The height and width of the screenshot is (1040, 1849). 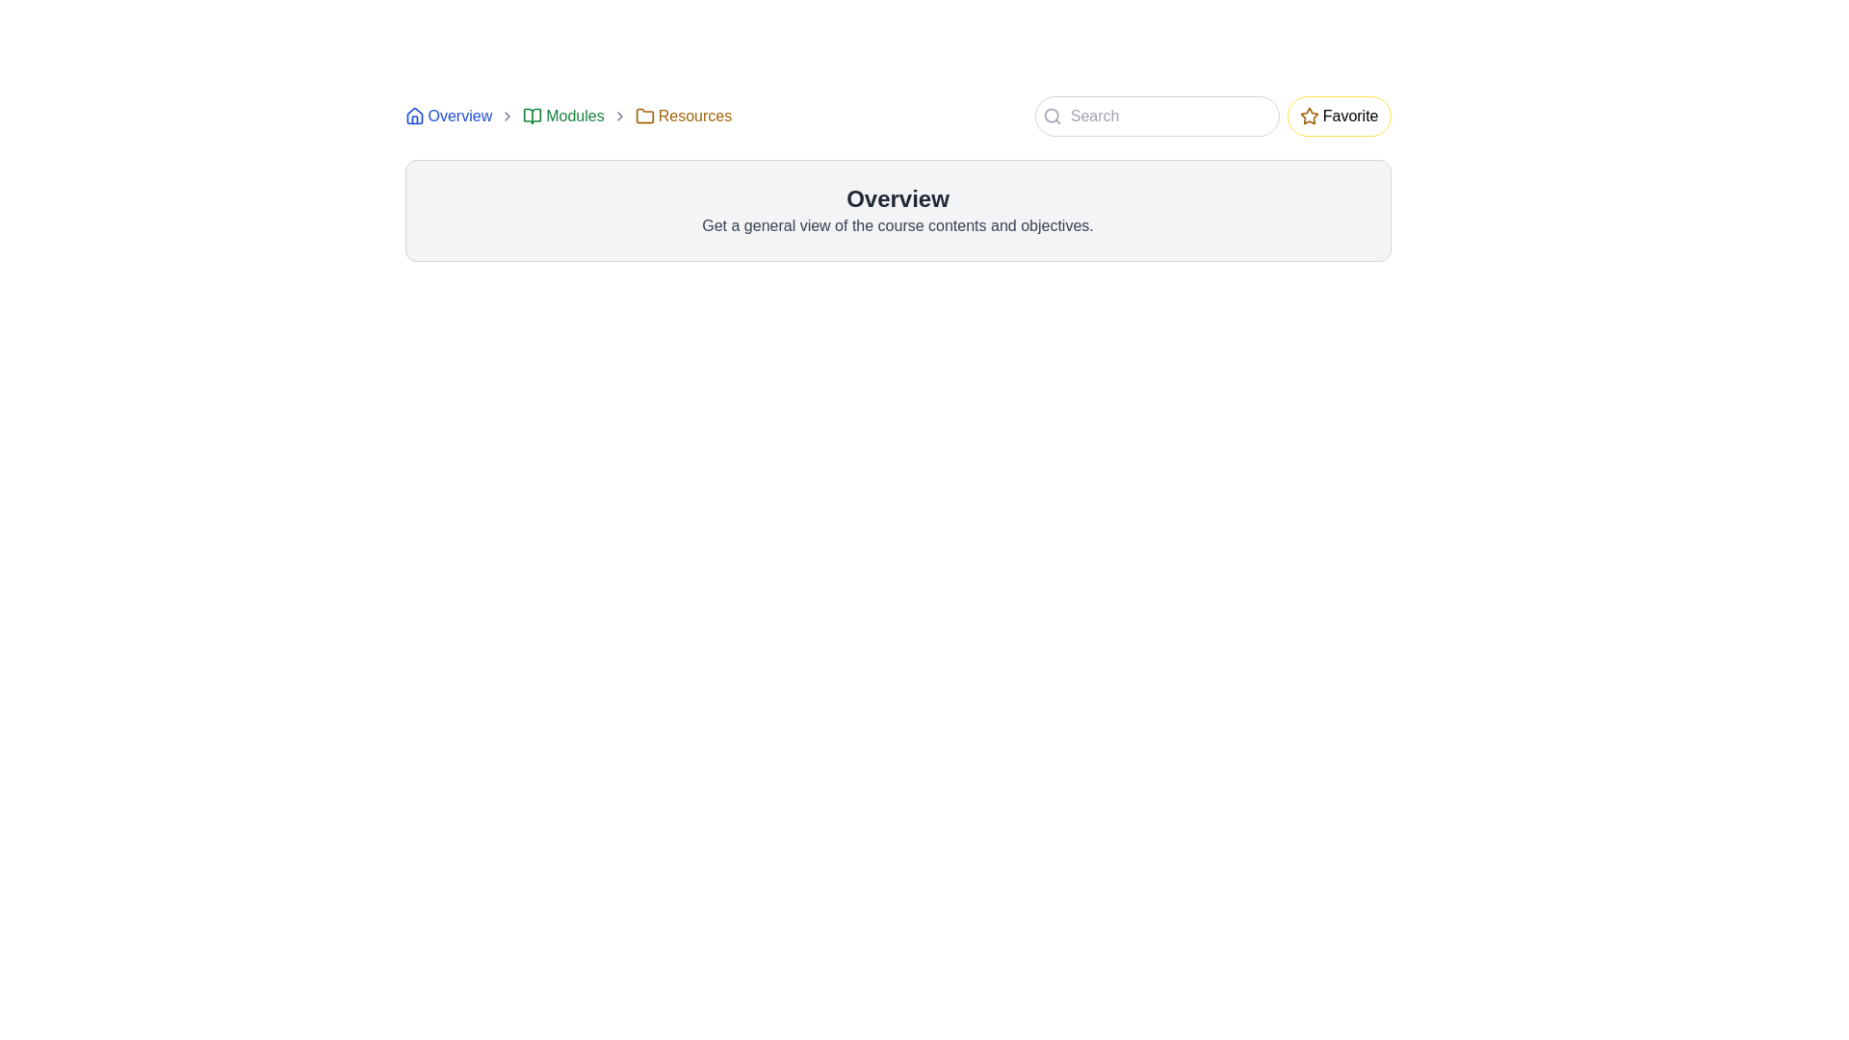 I want to click on the left portion of the opened book icon represented by a rounded rectangle within the SVG, located in the navigation breadcrumb directly left of the 'Modules' text link, so click(x=533, y=116).